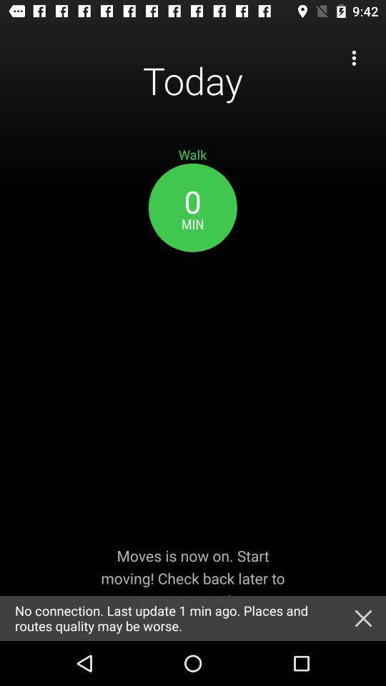 The height and width of the screenshot is (686, 386). What do you see at coordinates (353, 58) in the screenshot?
I see `the more icon` at bounding box center [353, 58].